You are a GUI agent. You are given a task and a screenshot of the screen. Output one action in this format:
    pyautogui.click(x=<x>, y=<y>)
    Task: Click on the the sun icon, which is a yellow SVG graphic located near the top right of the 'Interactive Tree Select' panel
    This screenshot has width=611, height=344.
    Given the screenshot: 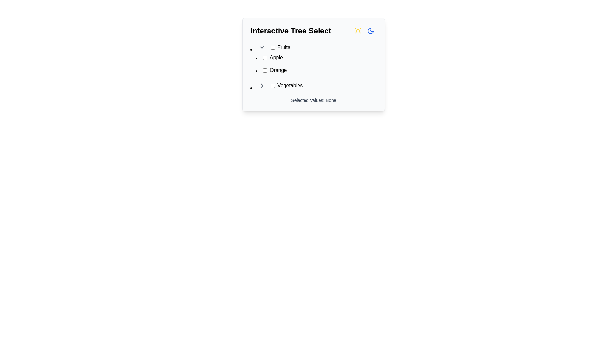 What is the action you would take?
    pyautogui.click(x=358, y=31)
    